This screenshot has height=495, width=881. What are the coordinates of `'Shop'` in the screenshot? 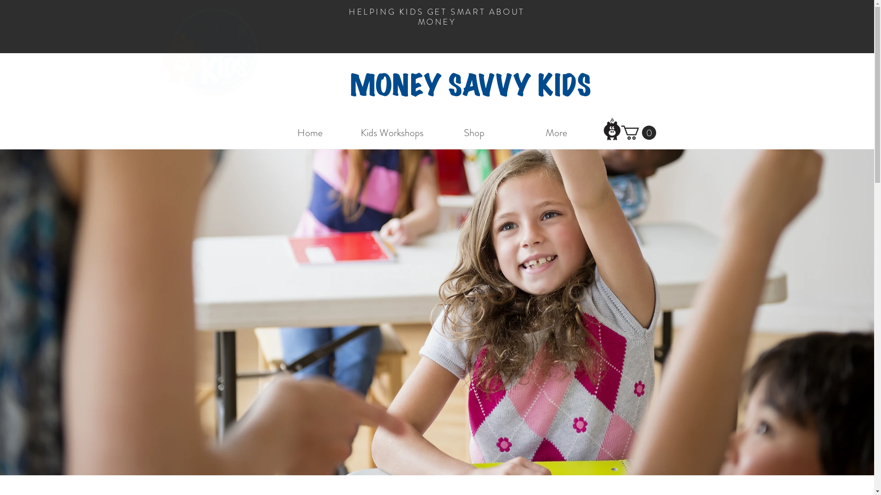 It's located at (474, 132).